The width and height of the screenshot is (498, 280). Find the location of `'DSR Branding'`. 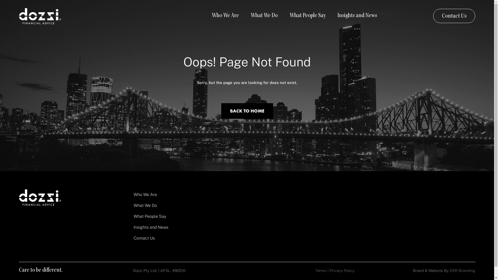

'DSR Branding' is located at coordinates (462, 270).